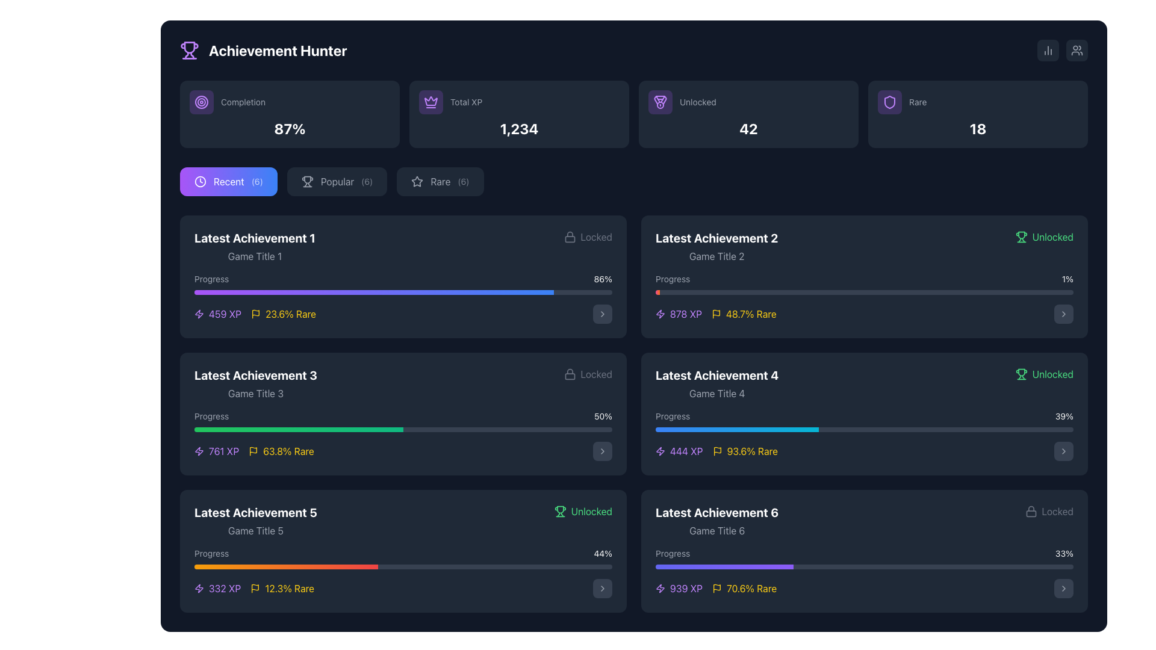  I want to click on the interactive button with a bar chart icon located in the top-right corner of the main interface, so click(1048, 50).